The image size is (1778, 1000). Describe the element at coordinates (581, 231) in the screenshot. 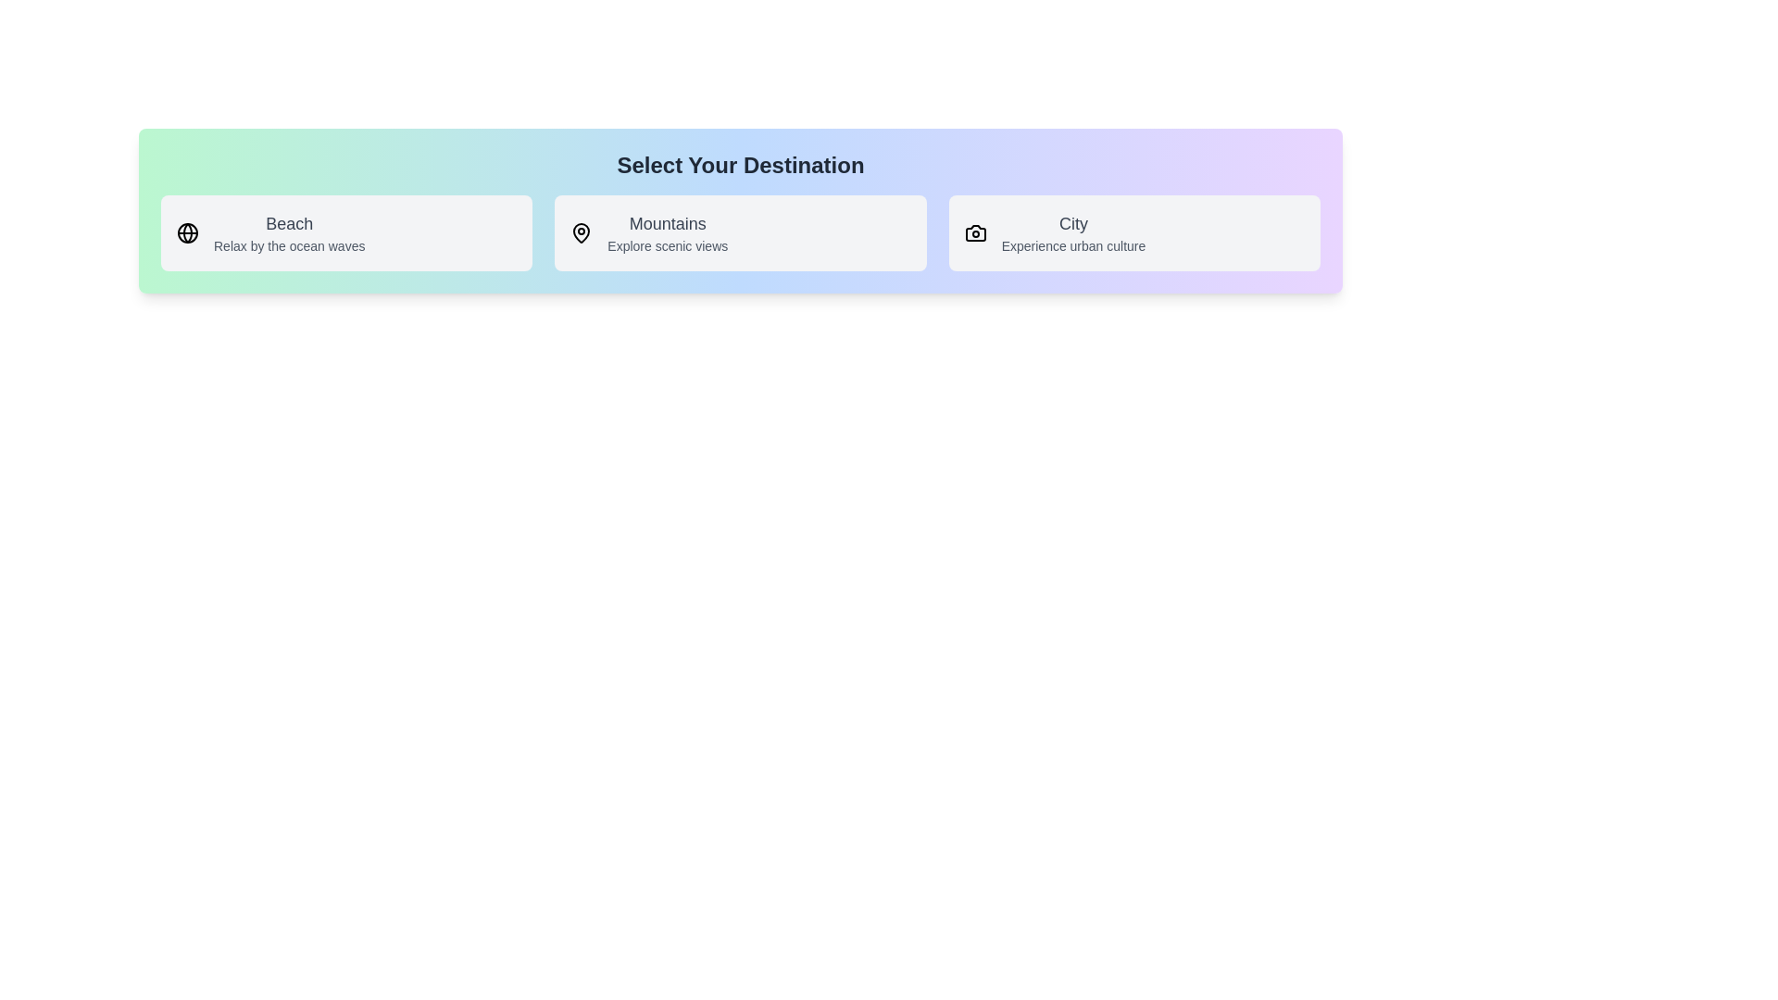

I see `the small, stylized pin or marker icon located within the 'Mountains' card option, above the text 'Explore scenic views.'` at that location.